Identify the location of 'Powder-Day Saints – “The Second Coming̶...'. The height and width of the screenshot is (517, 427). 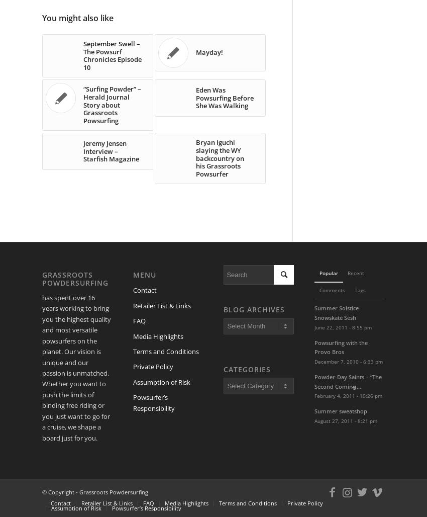
(348, 381).